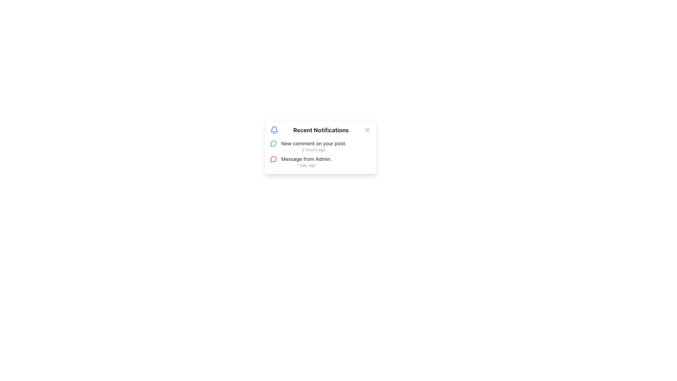  Describe the element at coordinates (273, 143) in the screenshot. I see `the circular, speech-bubble-like icon with a green stroke, which is the leftmost component of the second notification item in the notification card interface` at that location.